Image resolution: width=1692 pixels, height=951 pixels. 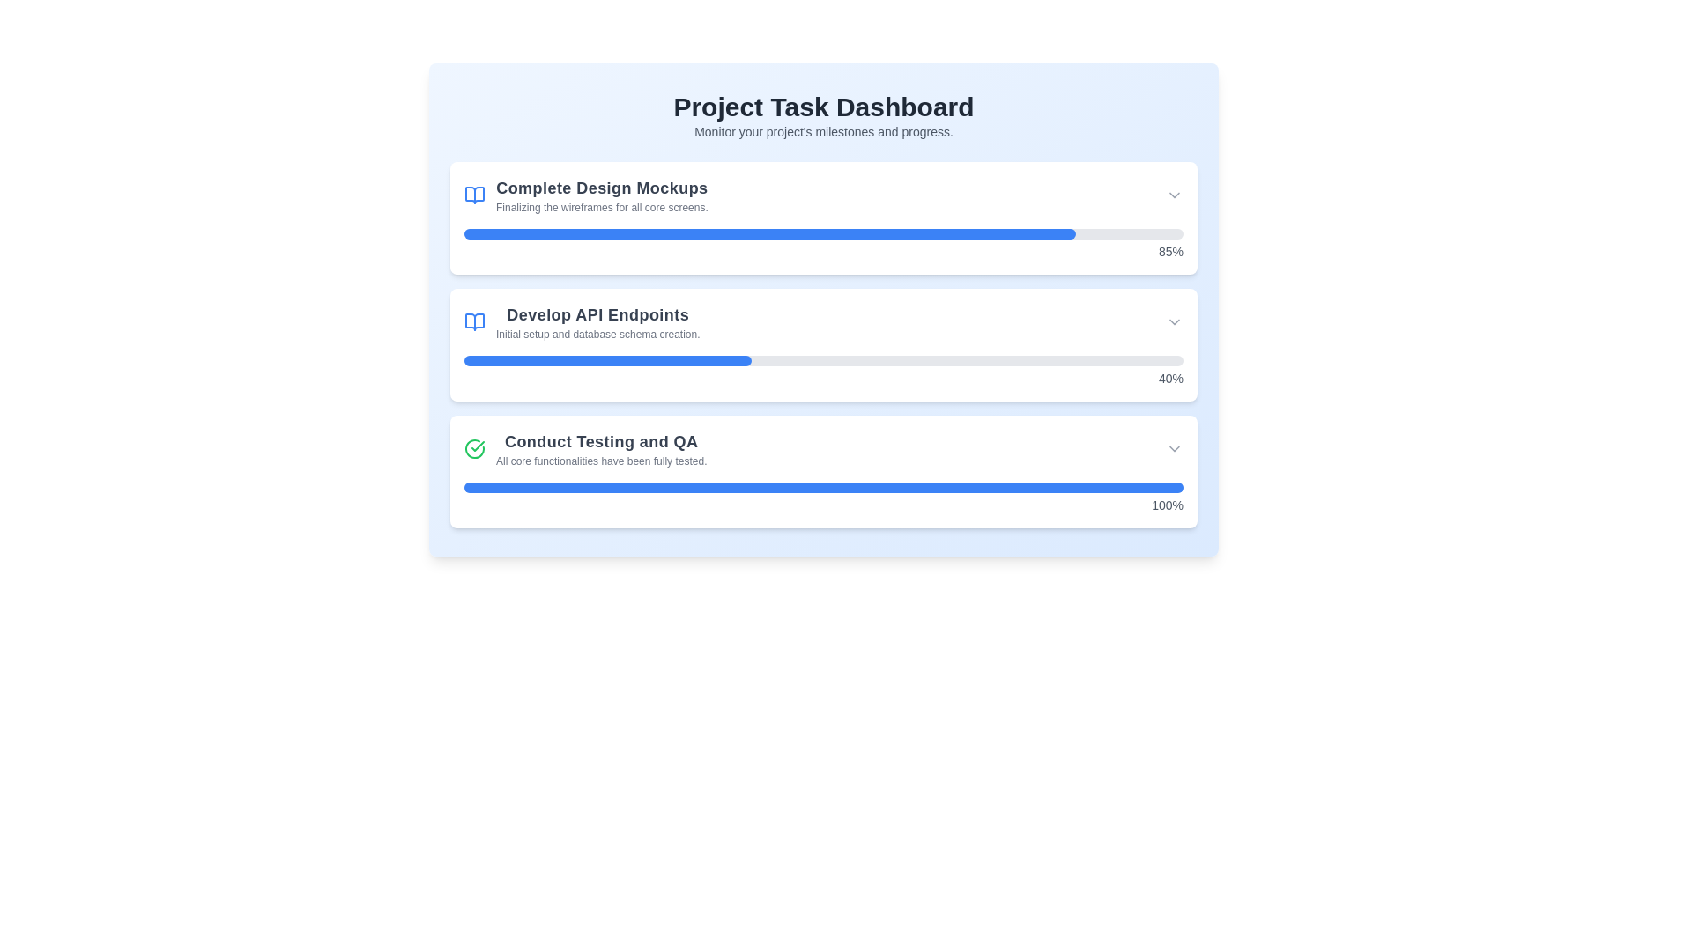 I want to click on text 'Finalizing the wireframes for all core screens.' located beneath the heading 'Complete Design Mockups' in the topmost project task card, so click(x=602, y=206).